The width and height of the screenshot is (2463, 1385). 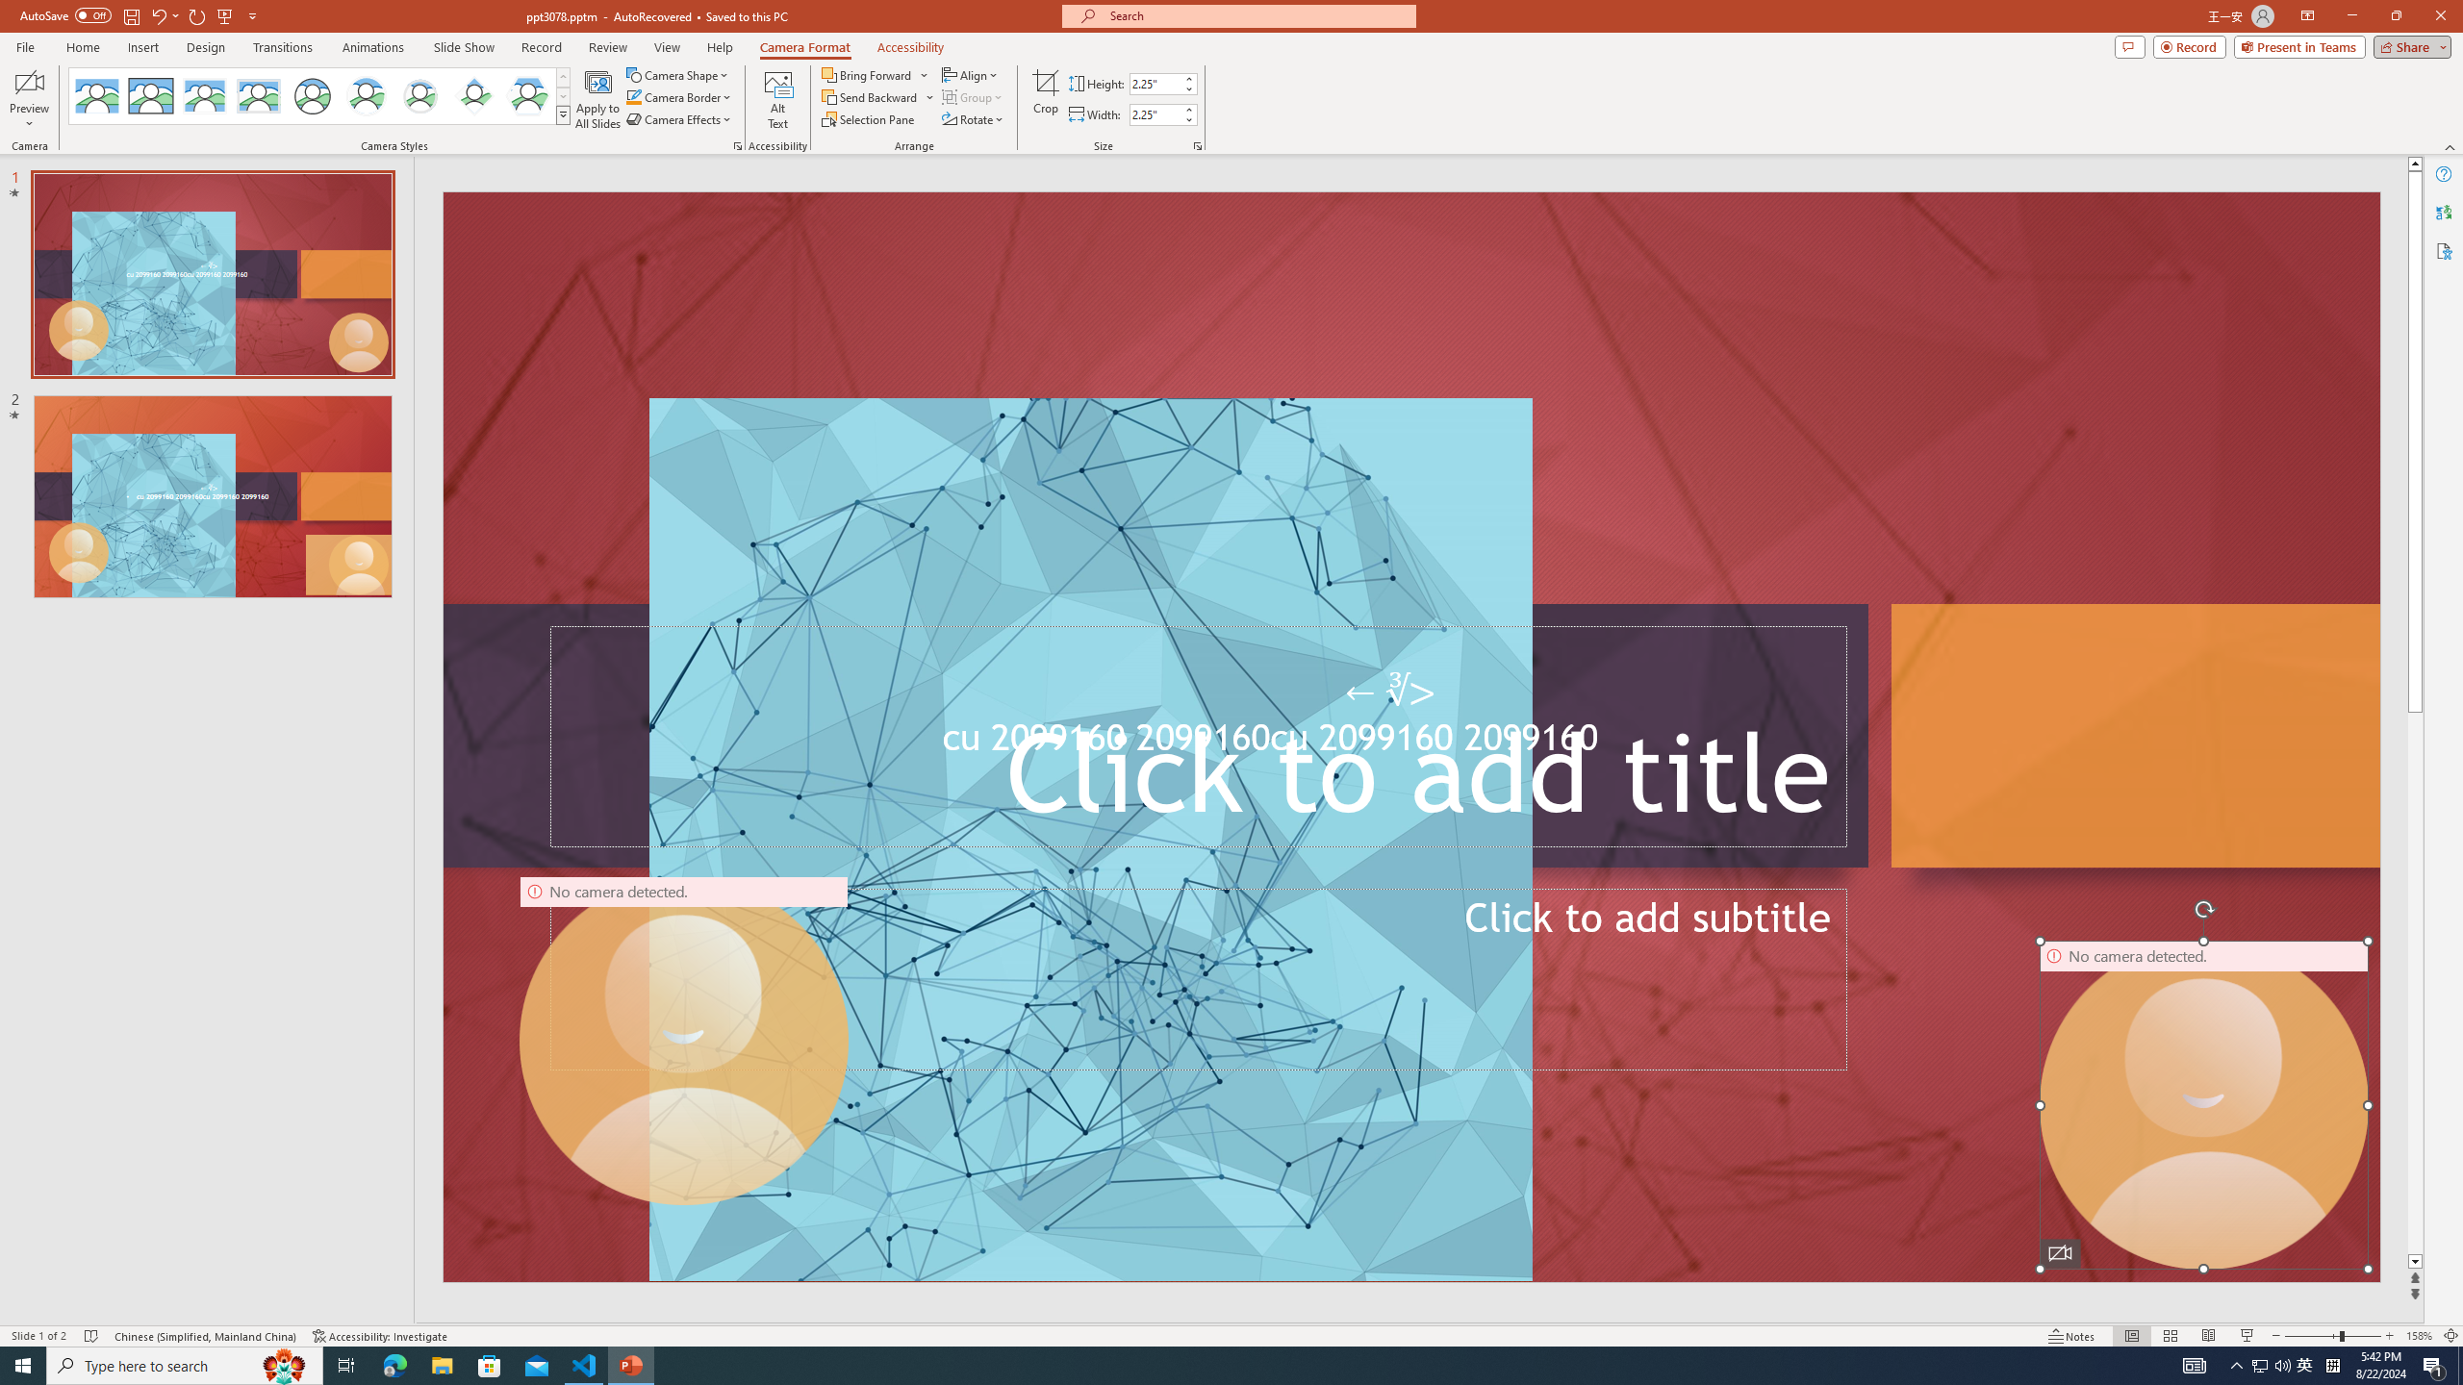 What do you see at coordinates (313, 95) in the screenshot?
I see `'Simple Frame Circle'` at bounding box center [313, 95].